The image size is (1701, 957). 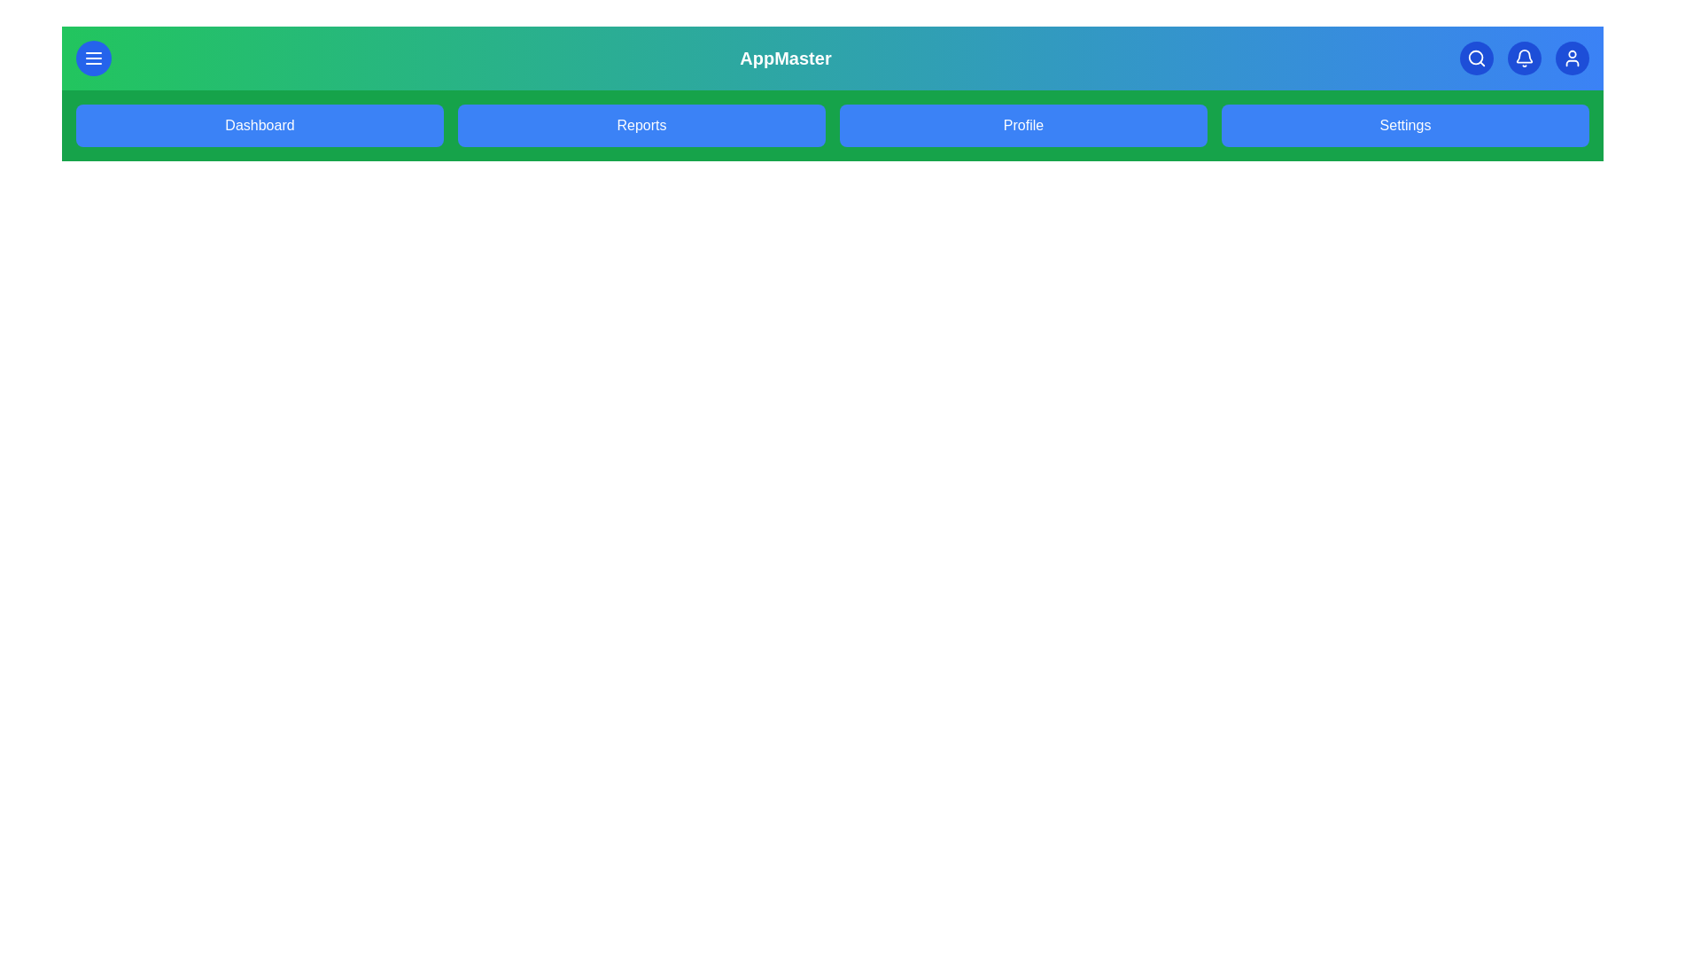 I want to click on the AppMaster heading text to read or interact with it, so click(x=785, y=57).